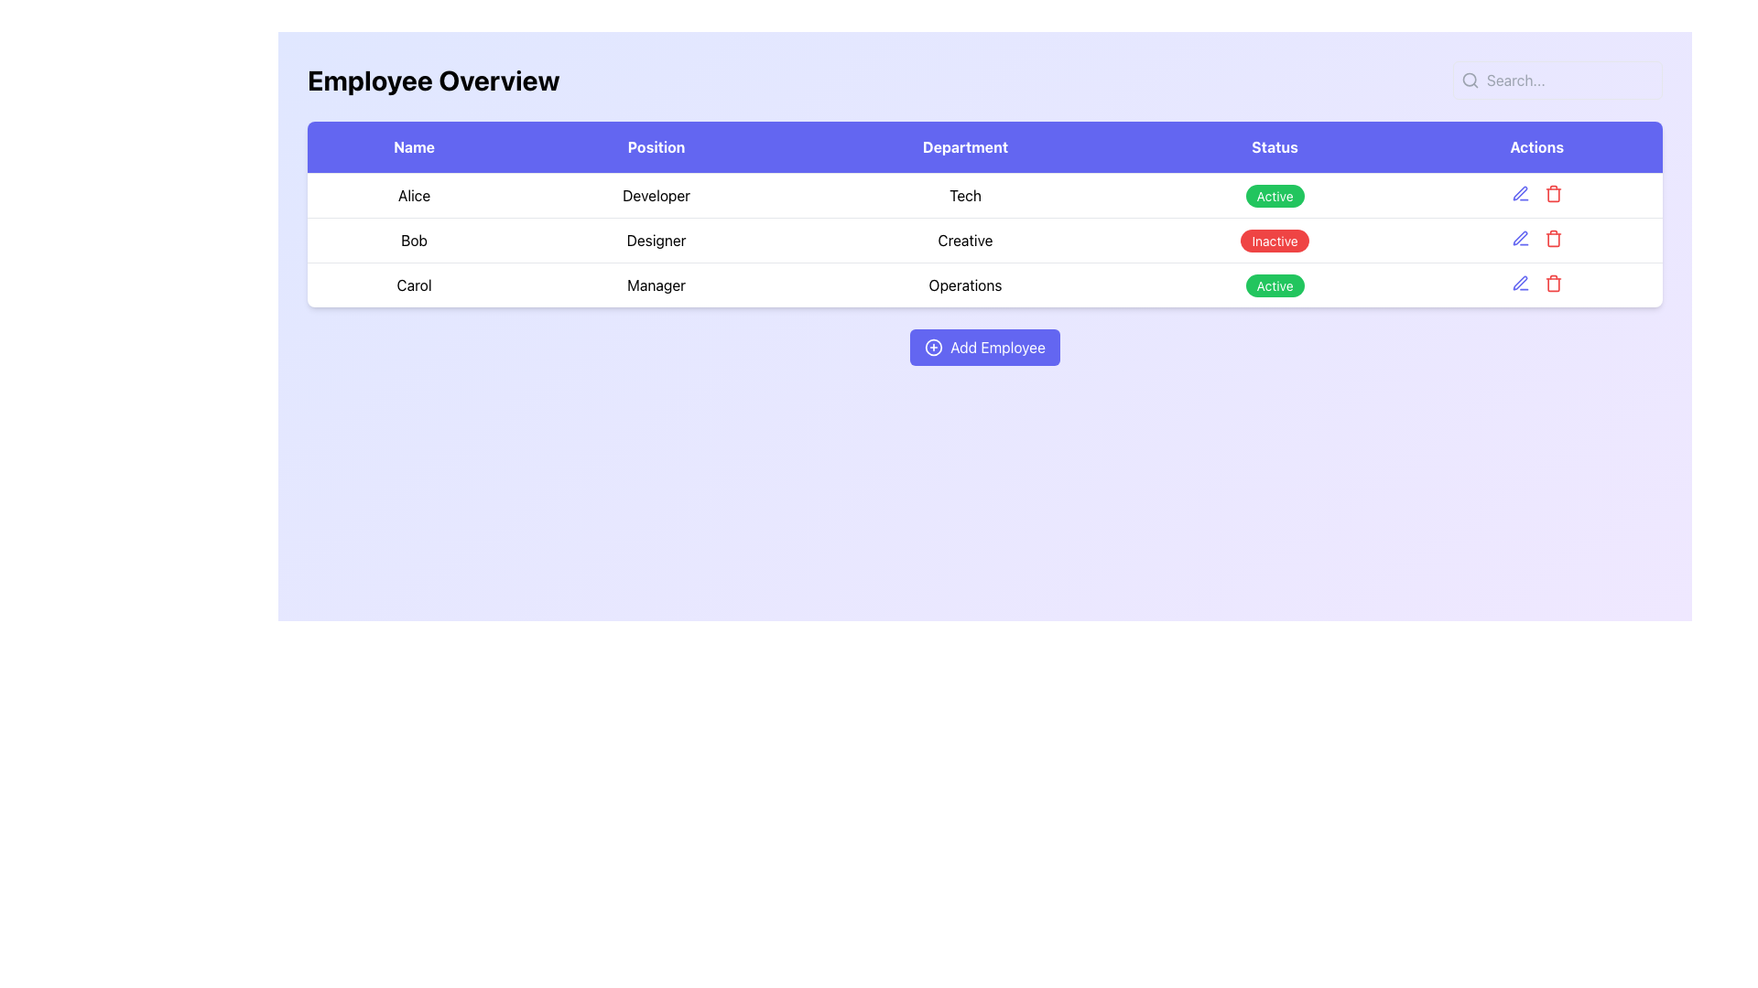 This screenshot has height=988, width=1758. I want to click on the prominent blue 'Add Employee' button located below the employee details table, so click(983, 348).